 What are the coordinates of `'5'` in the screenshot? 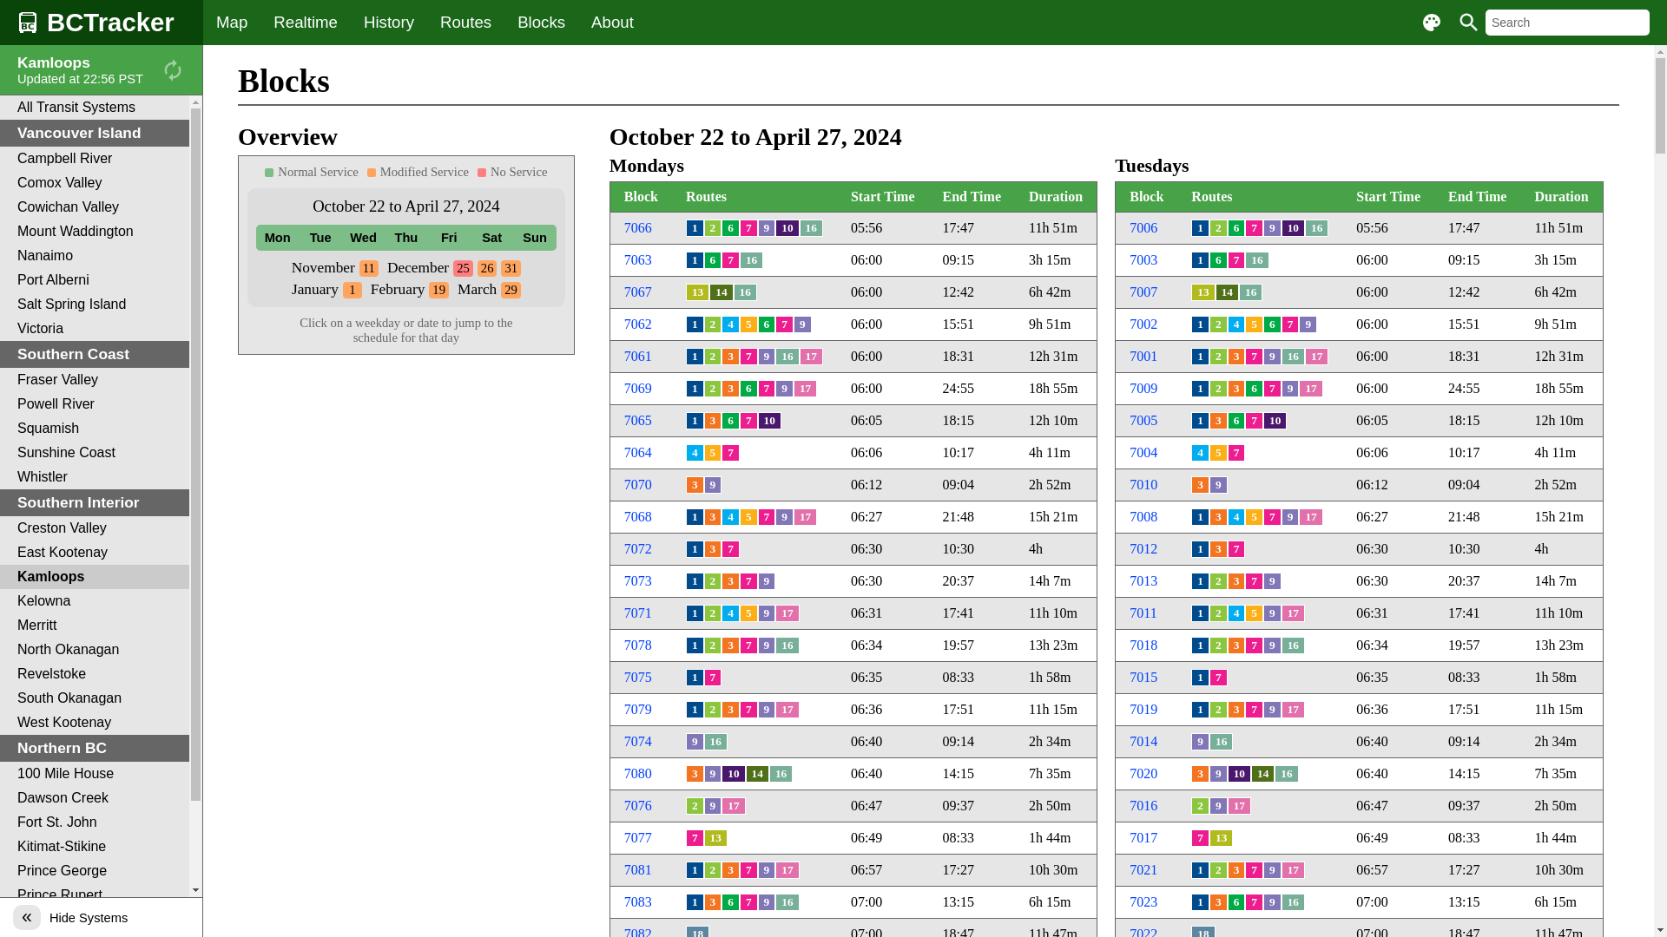 It's located at (1254, 516).